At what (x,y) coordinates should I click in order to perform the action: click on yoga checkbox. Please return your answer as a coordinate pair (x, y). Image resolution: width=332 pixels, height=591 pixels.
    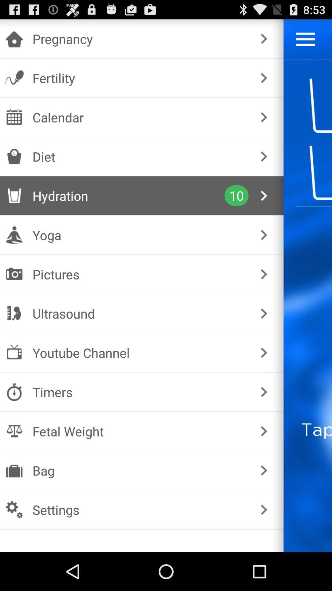
    Looking at the image, I should click on (140, 235).